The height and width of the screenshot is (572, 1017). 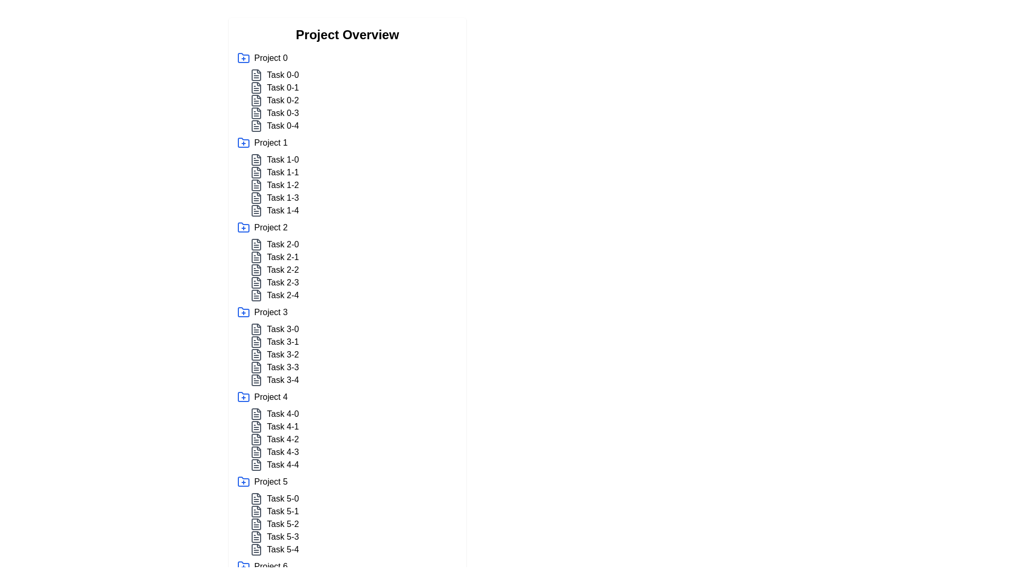 I want to click on the file icon representing 'Task 4-3' in the fourth project grouping, so click(x=256, y=452).